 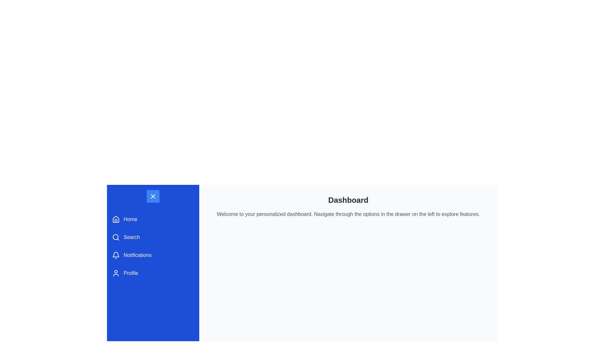 What do you see at coordinates (153, 196) in the screenshot?
I see `the close button at the top of the left navigation panel` at bounding box center [153, 196].